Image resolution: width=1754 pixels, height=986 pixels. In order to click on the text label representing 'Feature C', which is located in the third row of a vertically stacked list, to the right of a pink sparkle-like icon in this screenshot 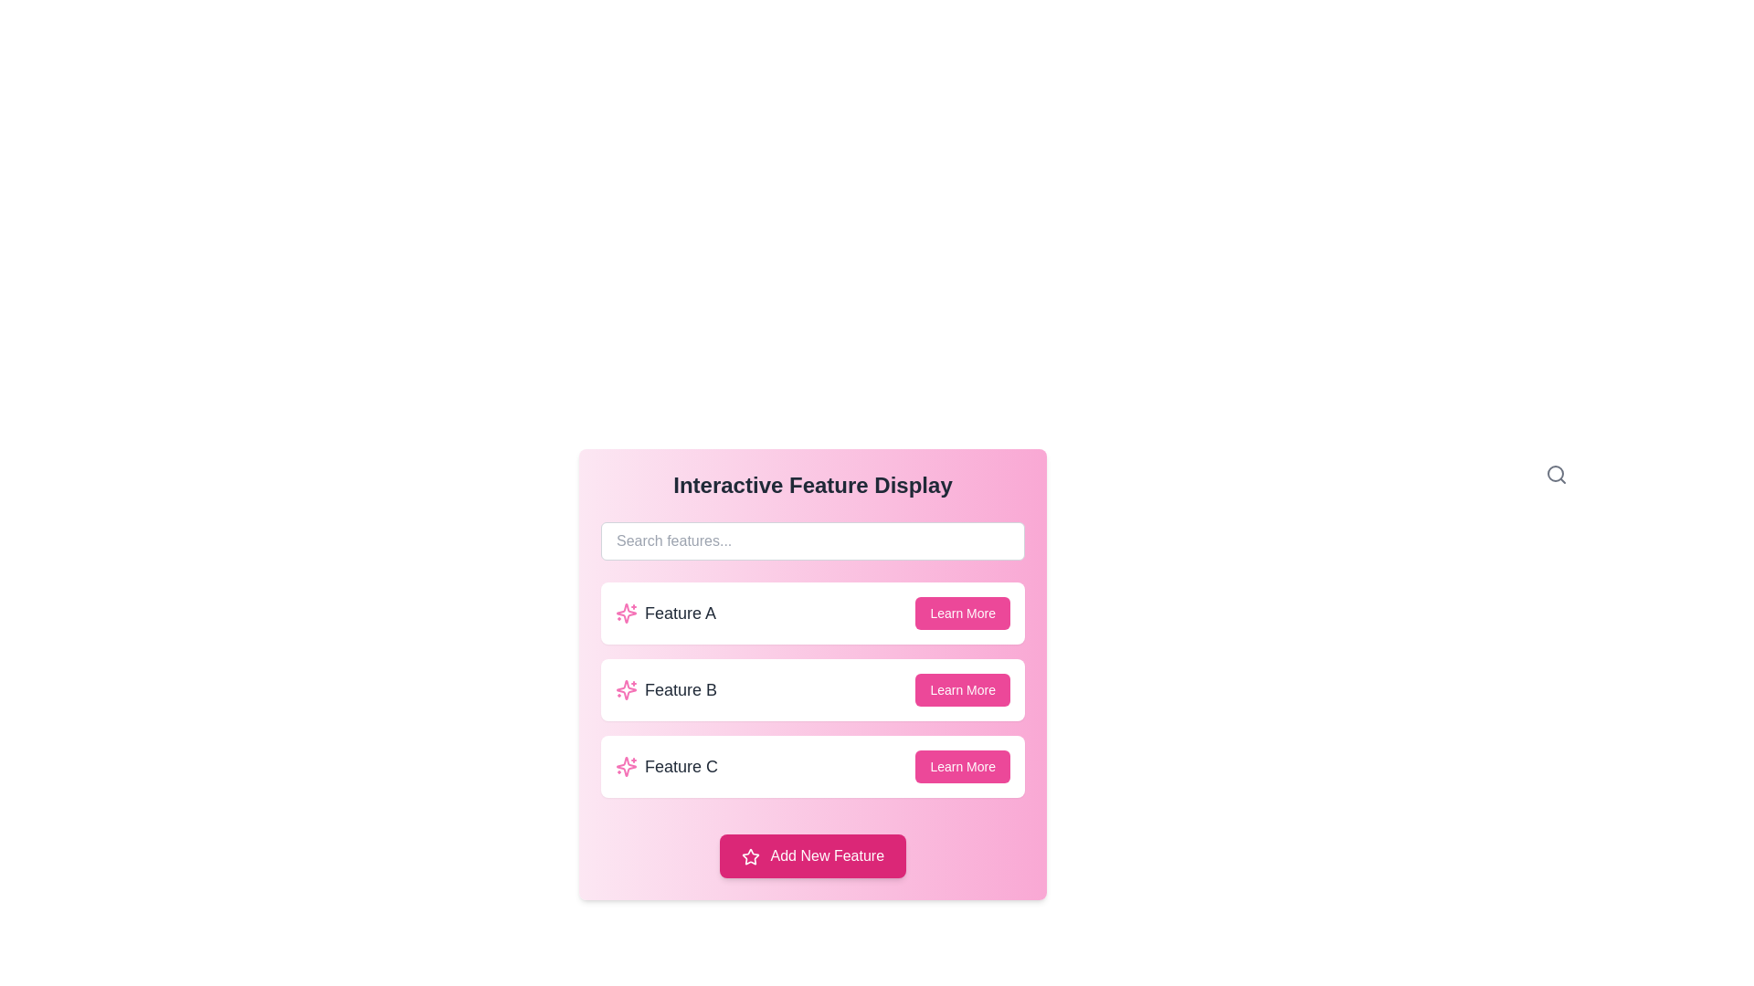, I will do `click(665, 767)`.